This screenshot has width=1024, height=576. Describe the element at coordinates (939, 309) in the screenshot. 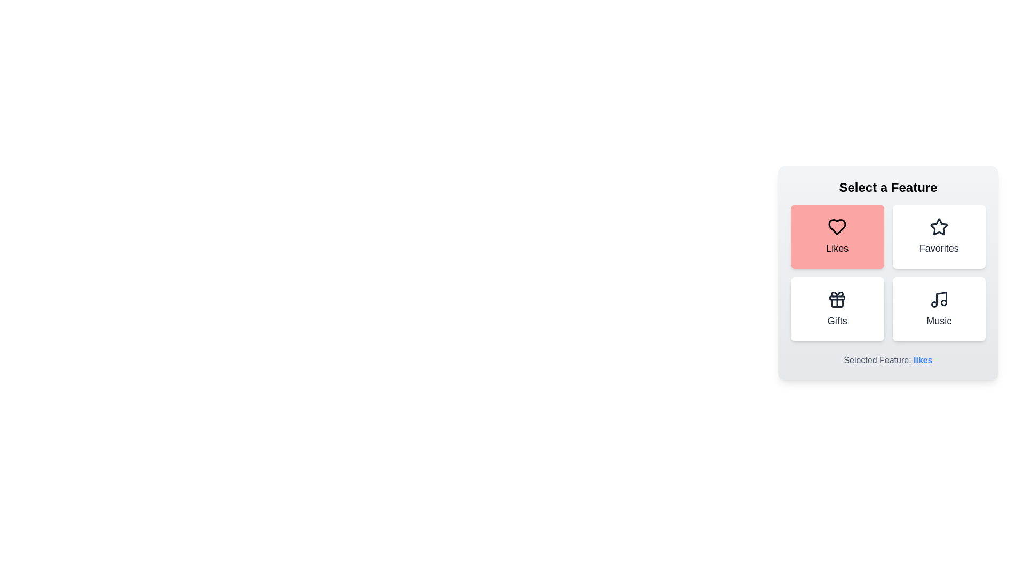

I see `the Music button to trigger its additional interaction` at that location.